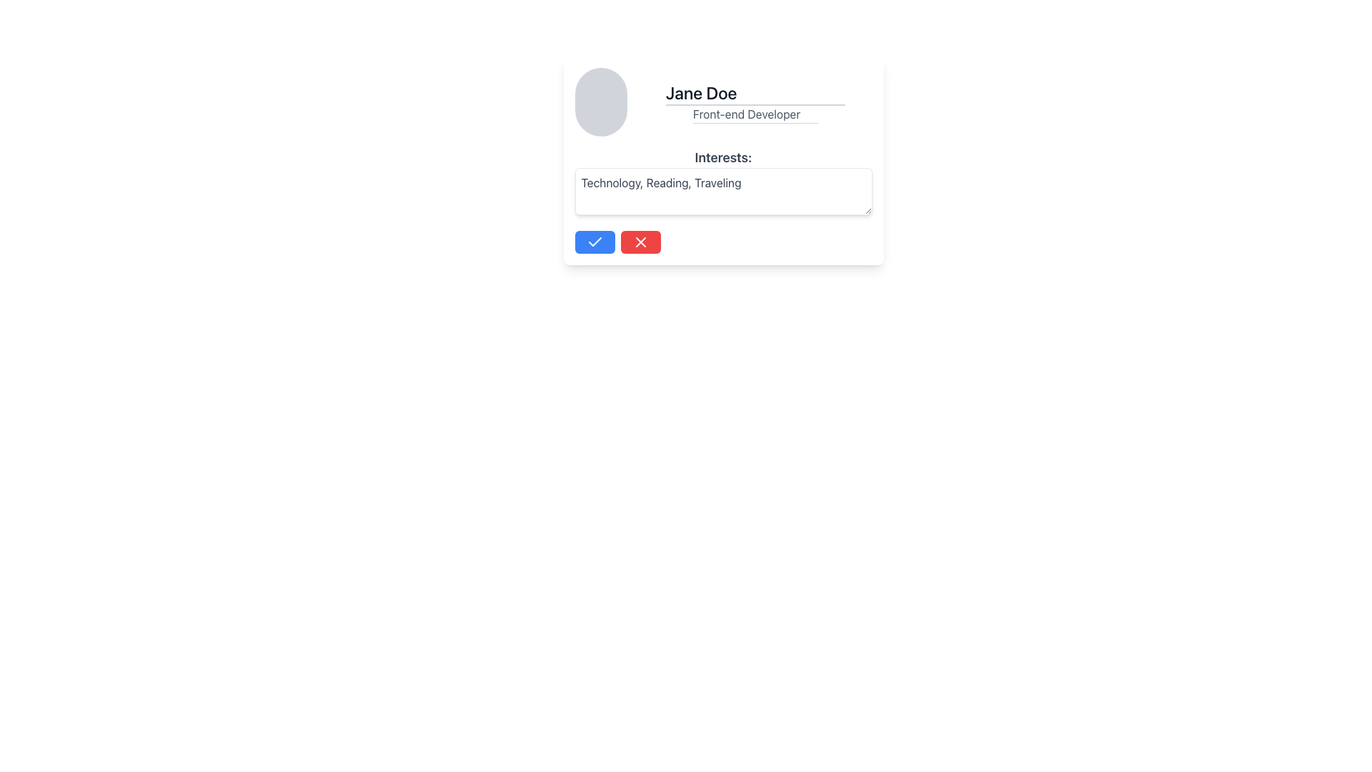 The image size is (1372, 772). What do you see at coordinates (723, 190) in the screenshot?
I see `the text input area for entering interests located below the 'Interests:' label` at bounding box center [723, 190].